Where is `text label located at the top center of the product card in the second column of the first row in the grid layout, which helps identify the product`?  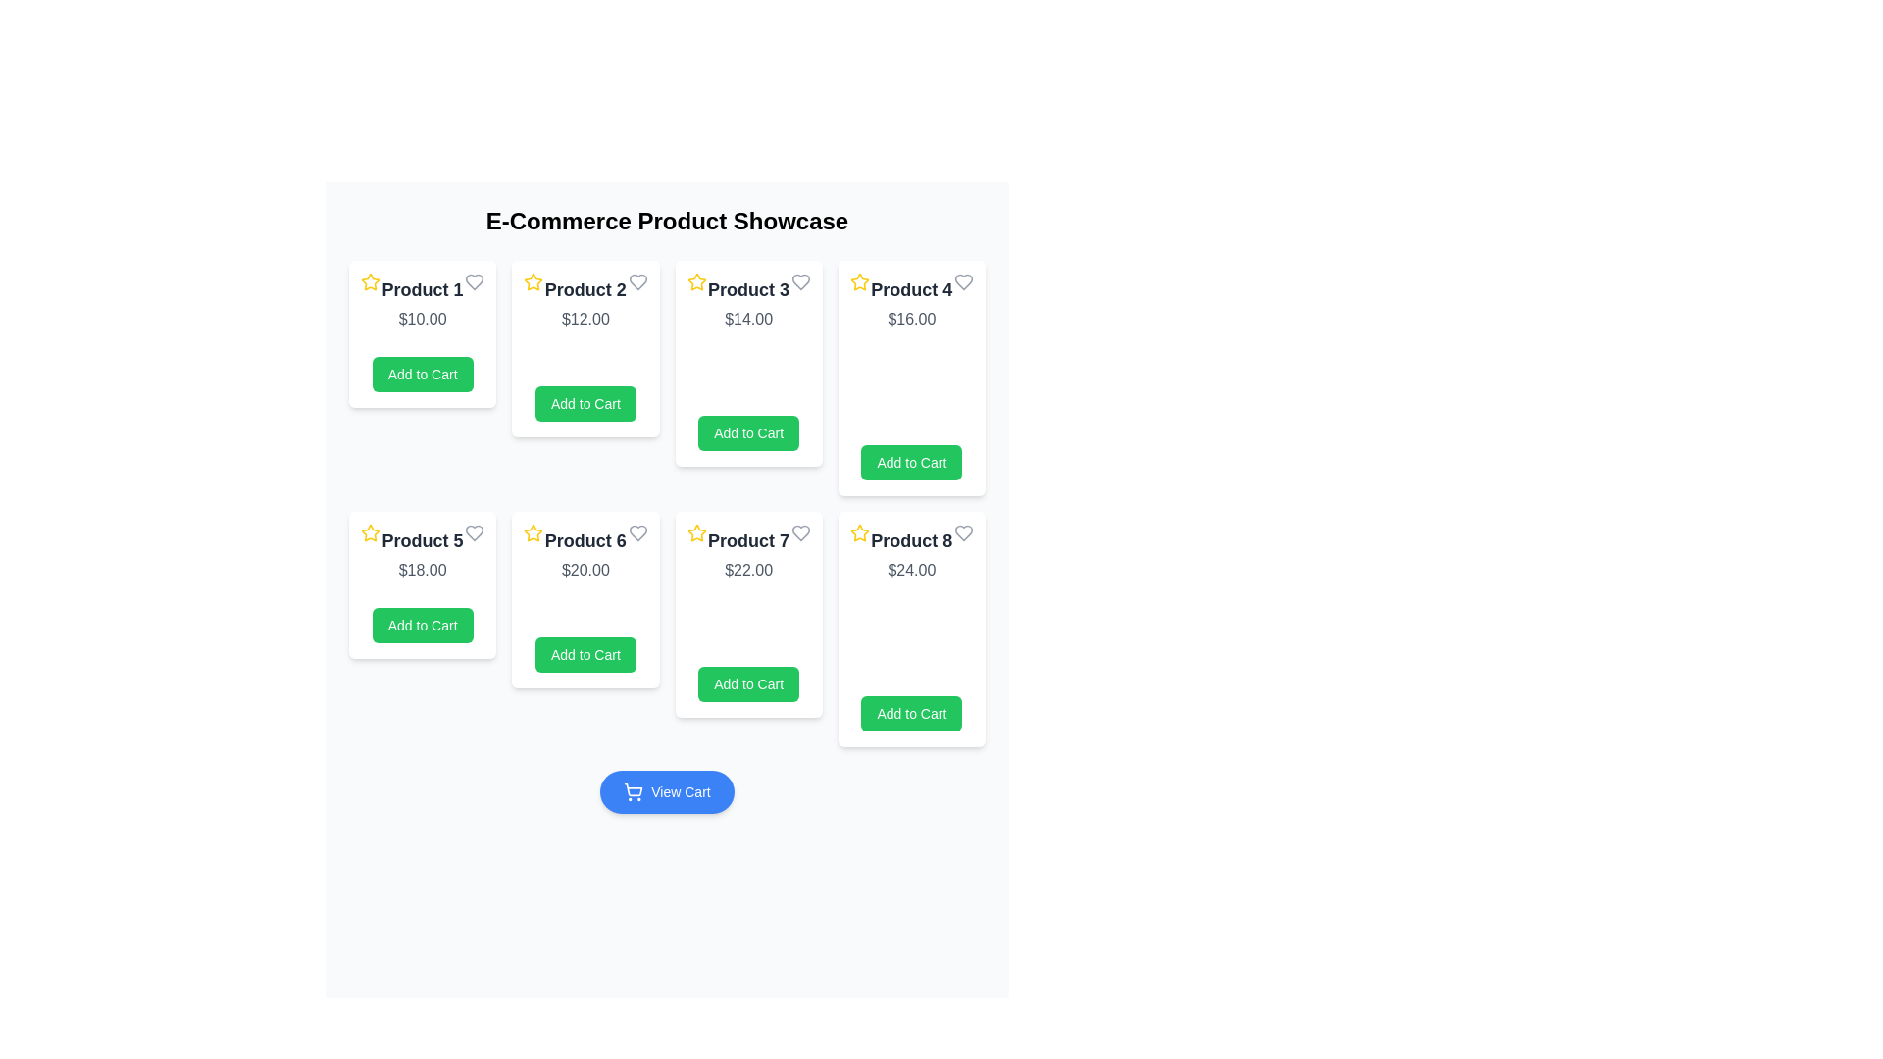
text label located at the top center of the product card in the second column of the first row in the grid layout, which helps identify the product is located at coordinates (747, 290).